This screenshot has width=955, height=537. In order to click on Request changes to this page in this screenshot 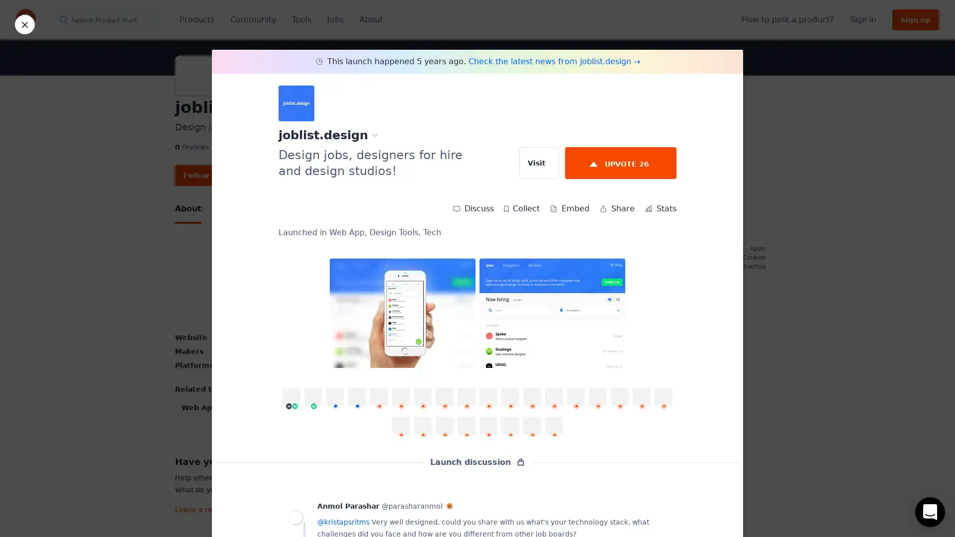, I will do `click(709, 304)`.